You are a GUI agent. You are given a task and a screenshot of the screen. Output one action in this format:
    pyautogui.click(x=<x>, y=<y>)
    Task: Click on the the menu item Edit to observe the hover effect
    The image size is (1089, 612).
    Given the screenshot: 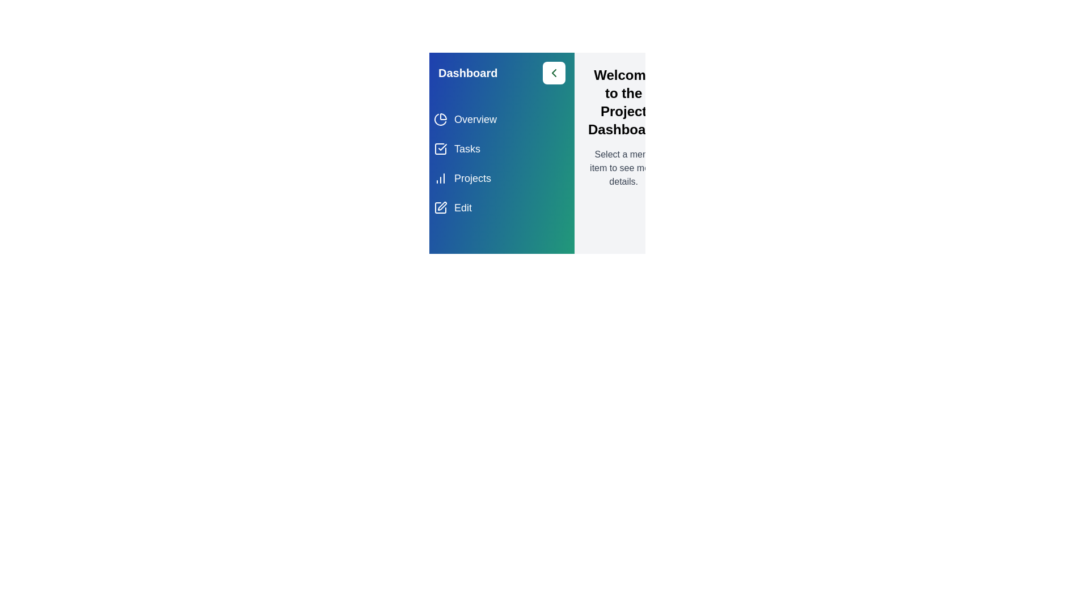 What is the action you would take?
    pyautogui.click(x=501, y=207)
    